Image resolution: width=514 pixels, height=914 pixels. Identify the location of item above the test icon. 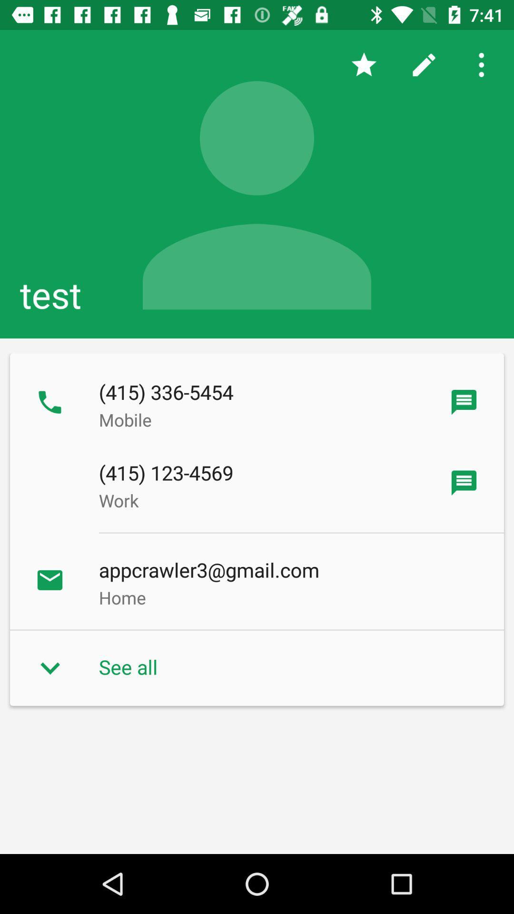
(364, 64).